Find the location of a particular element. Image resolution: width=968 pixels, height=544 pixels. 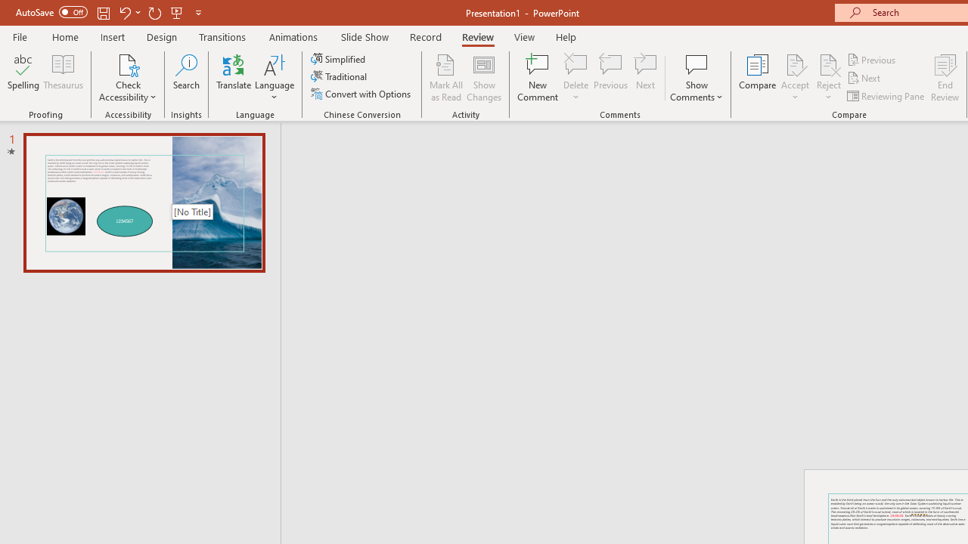

'Accept Change' is located at coordinates (794, 63).